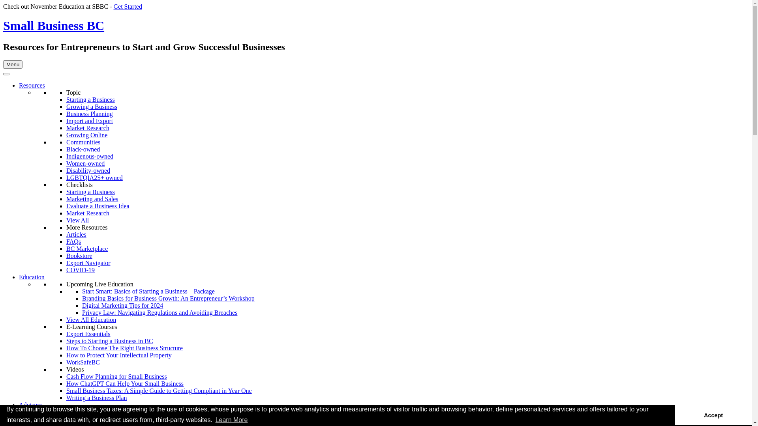 This screenshot has height=426, width=758. Describe the element at coordinates (66, 248) in the screenshot. I see `'BC Marketplace'` at that location.